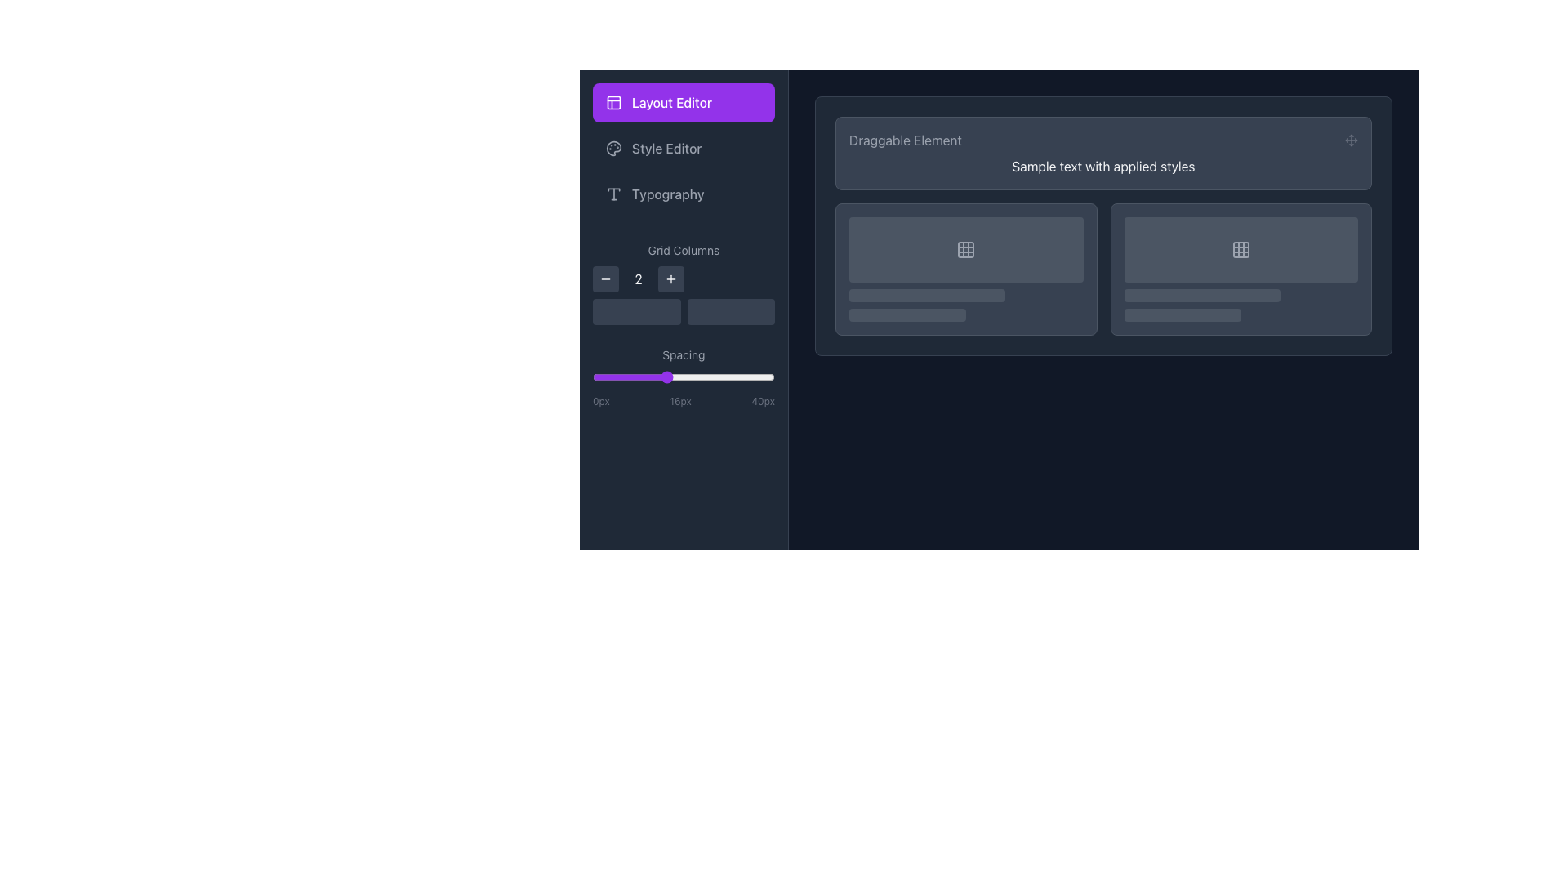 This screenshot has height=882, width=1568. What do you see at coordinates (684, 377) in the screenshot?
I see `the handle of the horizontal slider with a purple accent color located within the dark interface section` at bounding box center [684, 377].